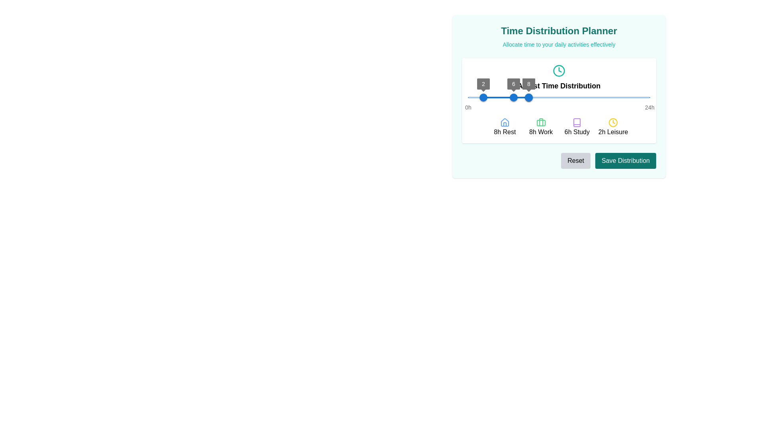 The height and width of the screenshot is (430, 764). I want to click on the time slider, so click(511, 97).